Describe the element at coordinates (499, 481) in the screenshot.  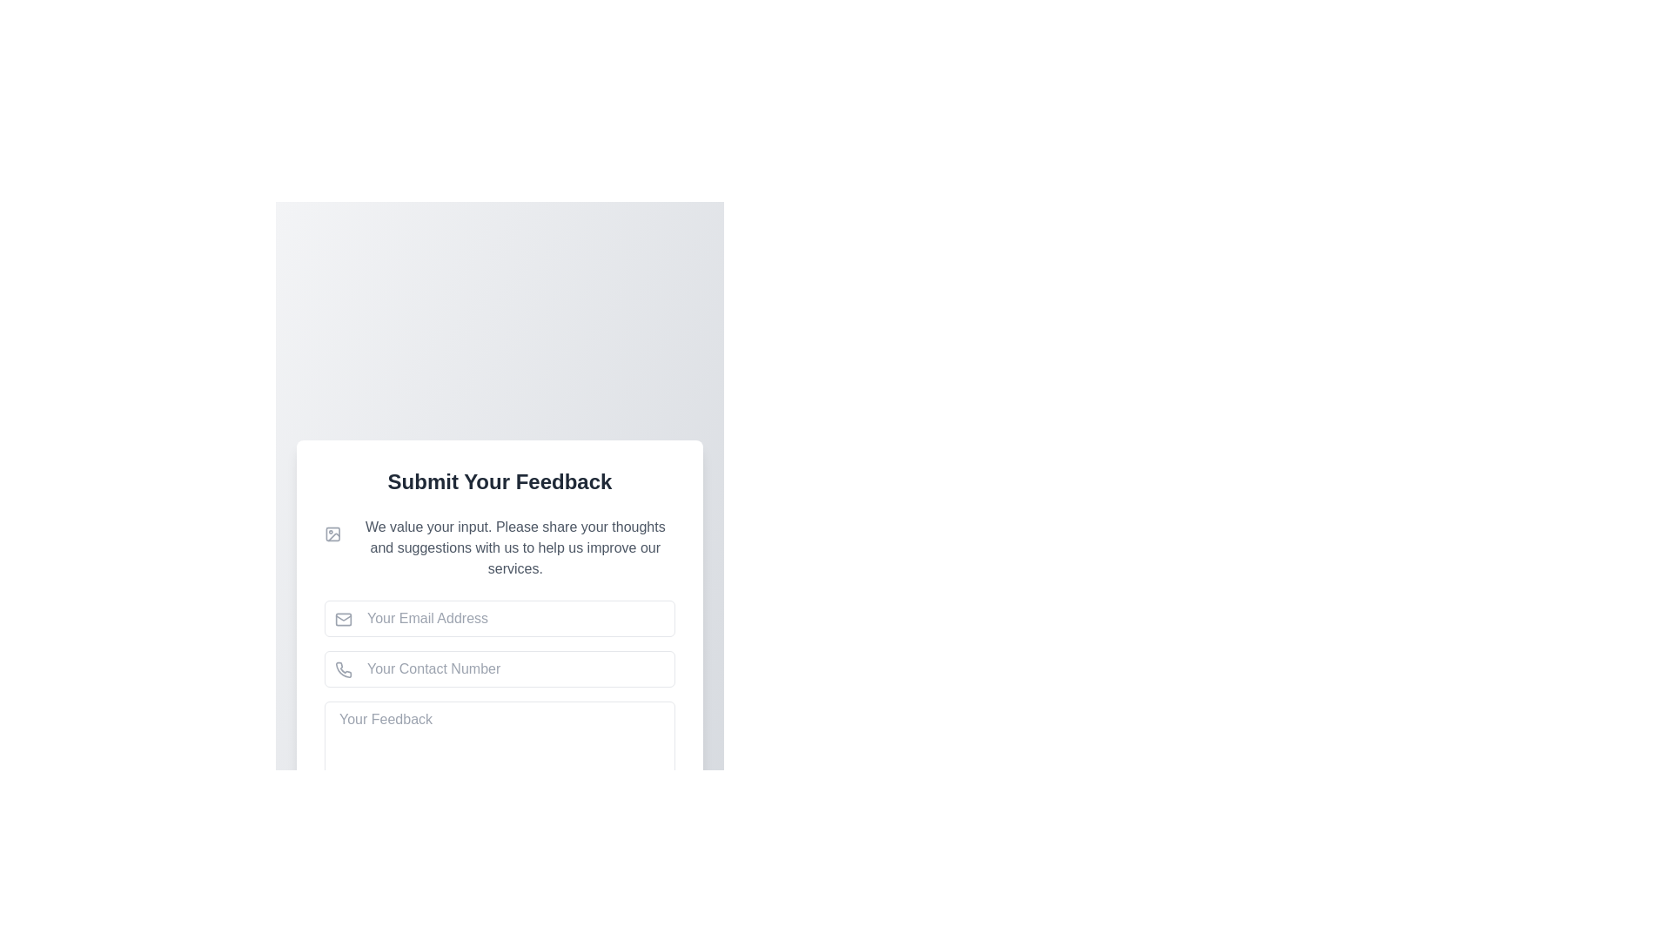
I see `the Text header element that serves as the title for the feedback form, positioned at the top of a white rounded-corner card` at that location.